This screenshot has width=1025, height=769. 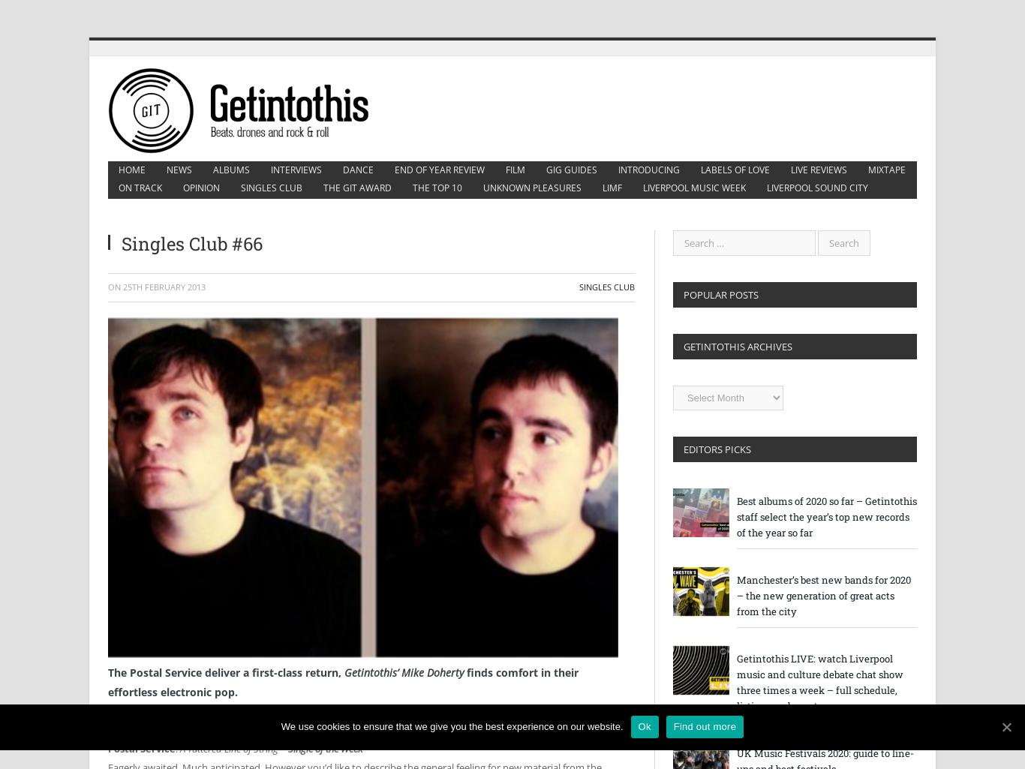 I want to click on 'Find out more', so click(x=704, y=726).